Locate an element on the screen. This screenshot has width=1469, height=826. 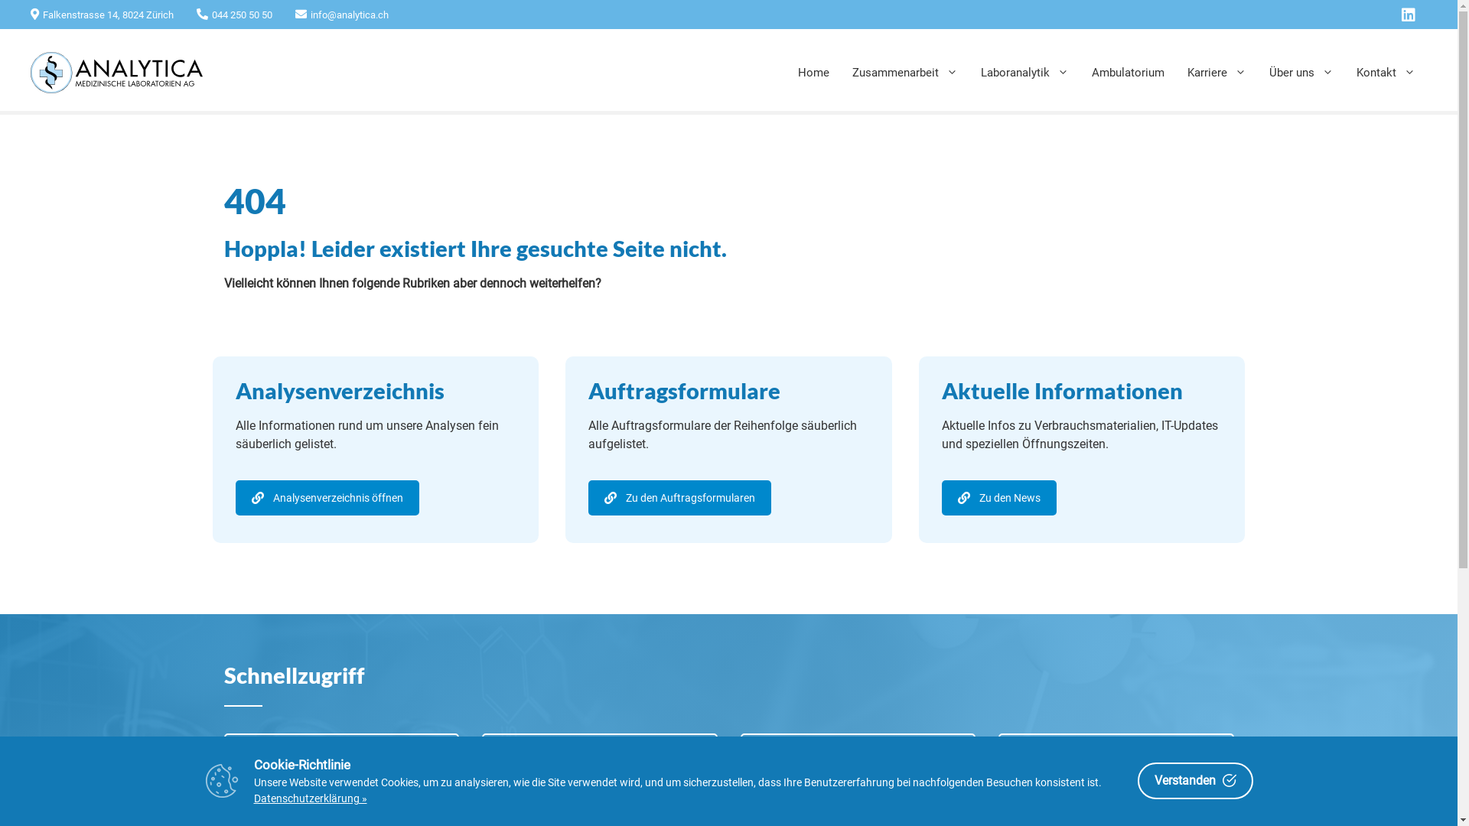
'Ambulatorium' is located at coordinates (1128, 73).